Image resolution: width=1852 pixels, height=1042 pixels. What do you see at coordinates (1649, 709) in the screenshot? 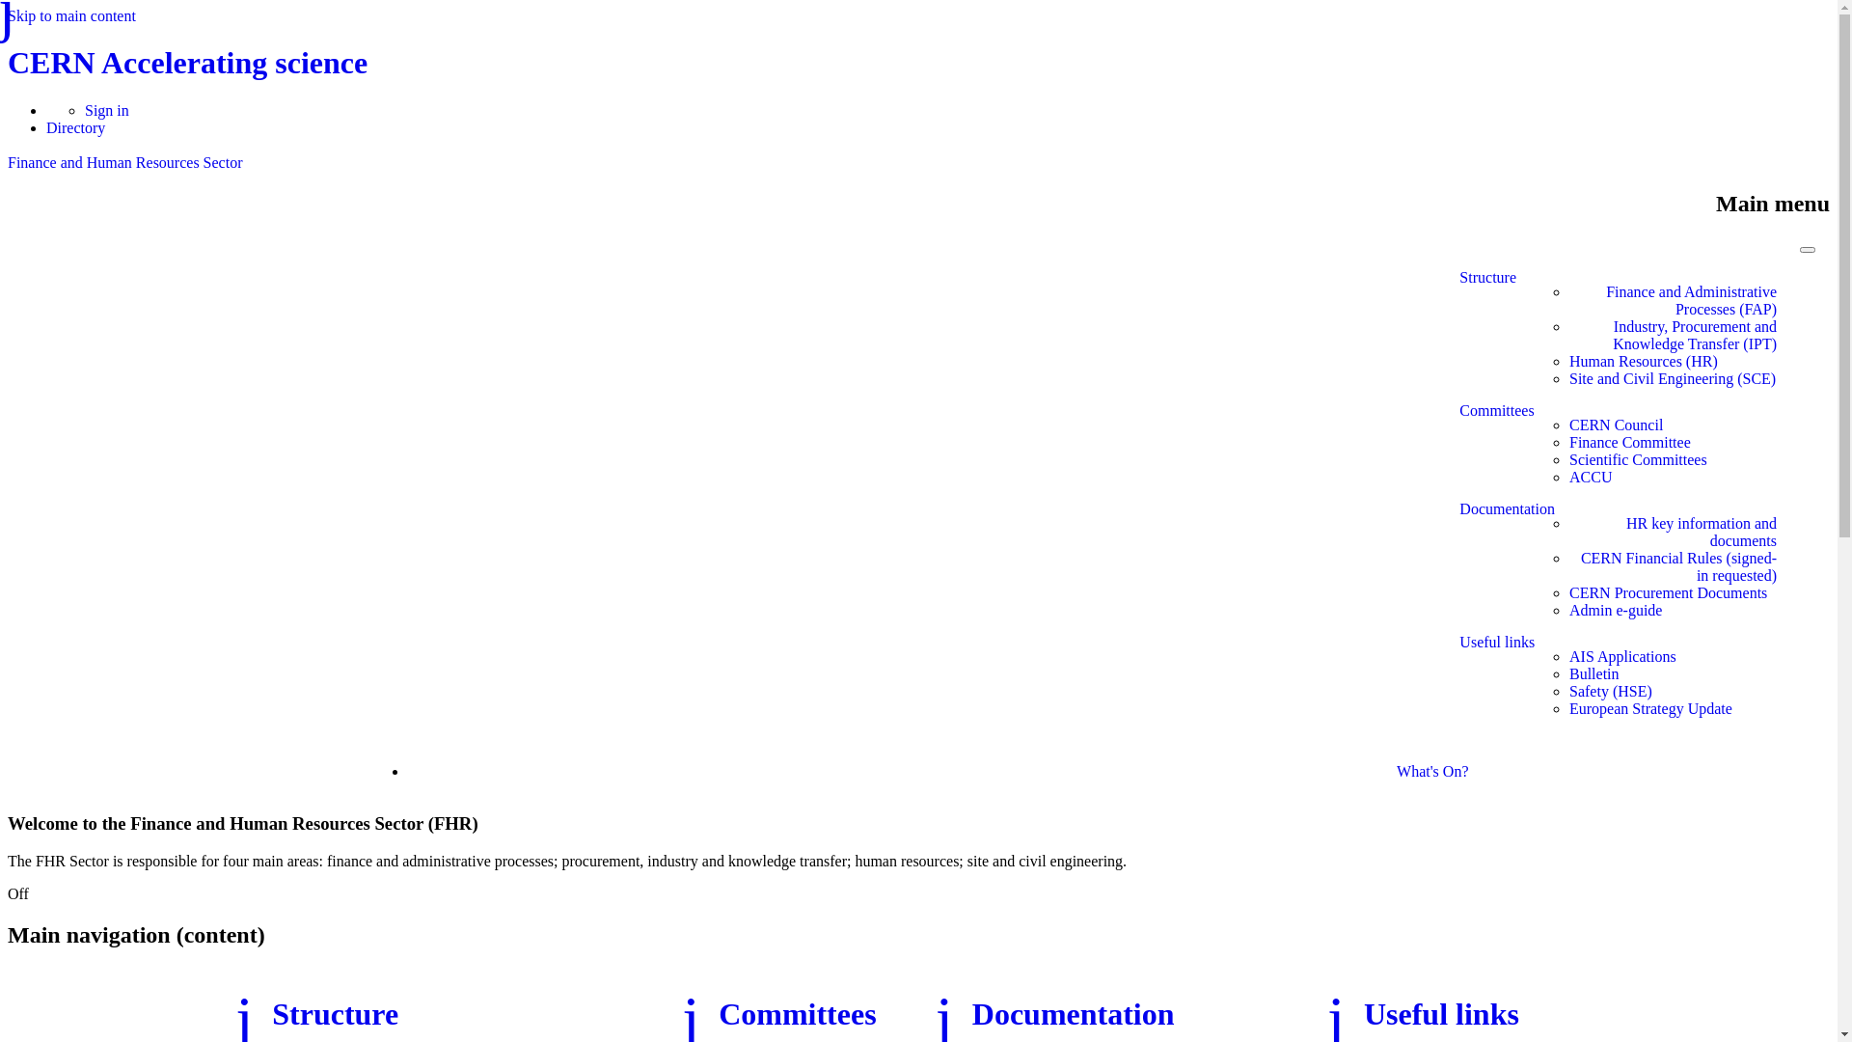
I see `'European Strategy Update'` at bounding box center [1649, 709].